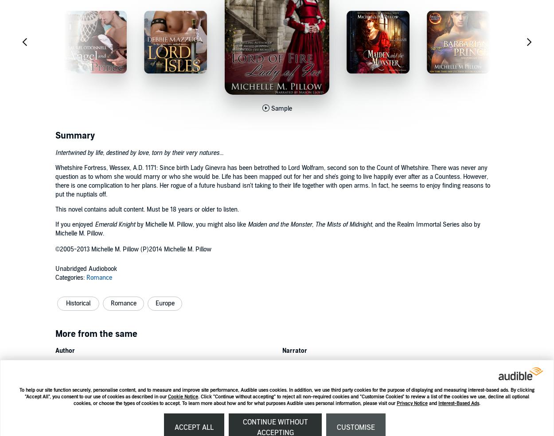  I want to click on 'Intertwined by life, destined by love, torn by their very natures...', so click(139, 153).